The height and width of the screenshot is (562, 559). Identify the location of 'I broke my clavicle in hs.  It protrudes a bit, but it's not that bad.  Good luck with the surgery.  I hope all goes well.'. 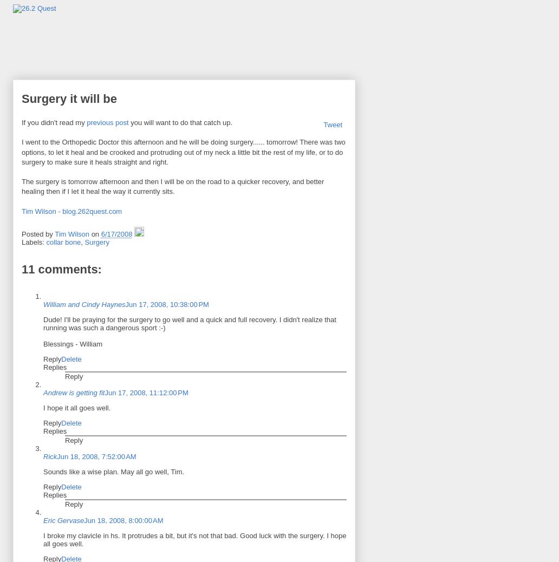
(43, 539).